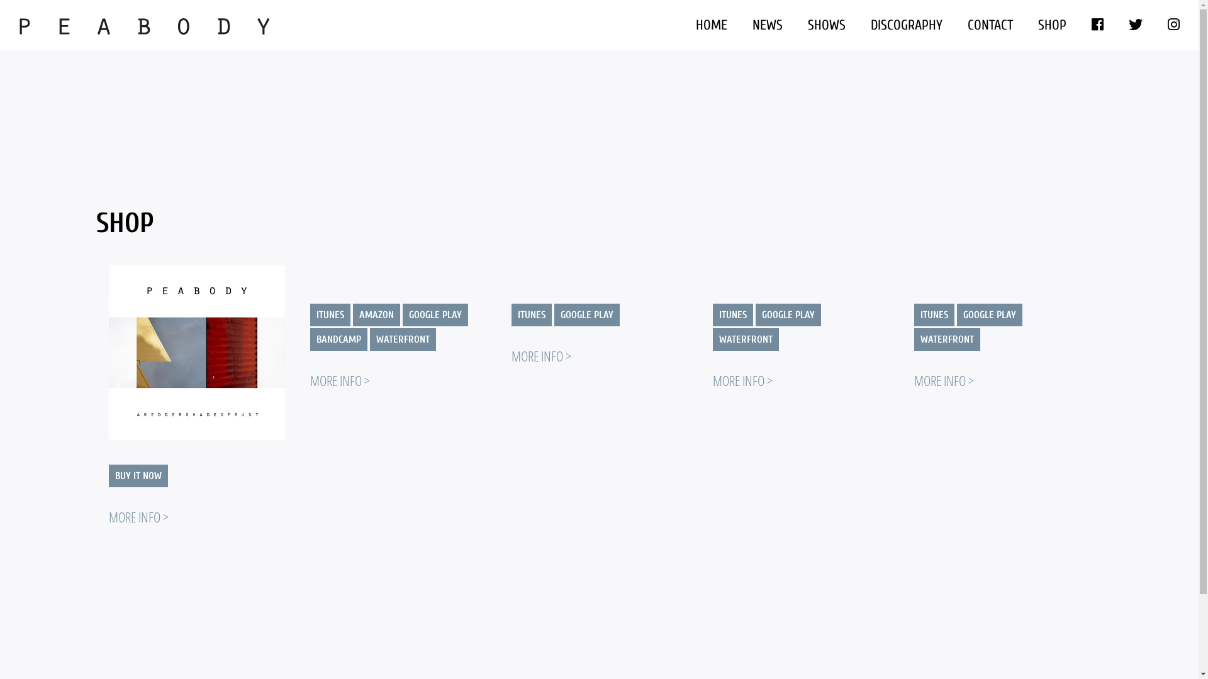  Describe the element at coordinates (138, 475) in the screenshot. I see `'BUY IT NOW'` at that location.